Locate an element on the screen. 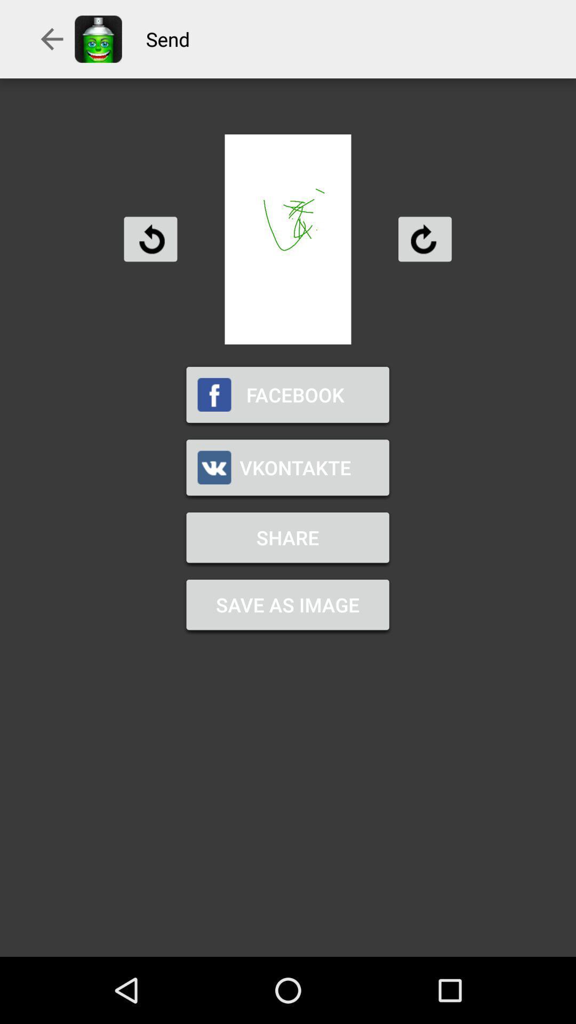  the refresh icon is located at coordinates (424, 238).